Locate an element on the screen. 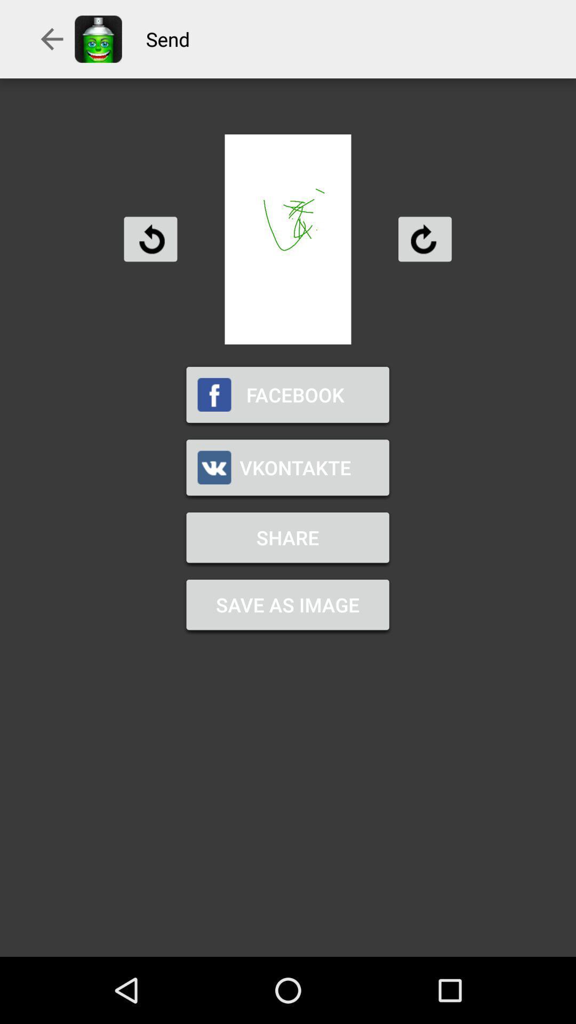  the refresh icon is located at coordinates (424, 238).